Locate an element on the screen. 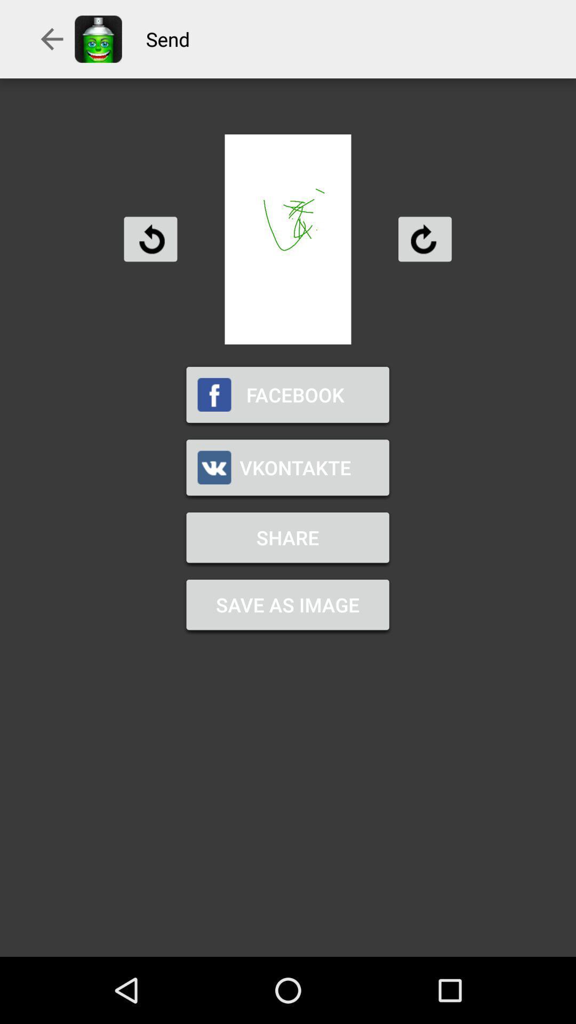  the refresh icon is located at coordinates (424, 238).